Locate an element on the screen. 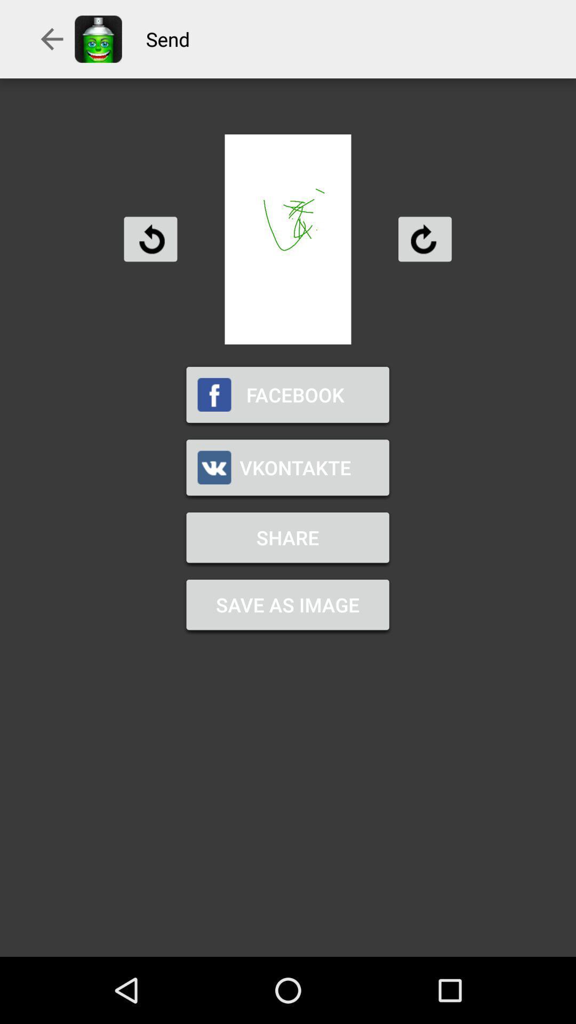  the refresh icon is located at coordinates (424, 238).